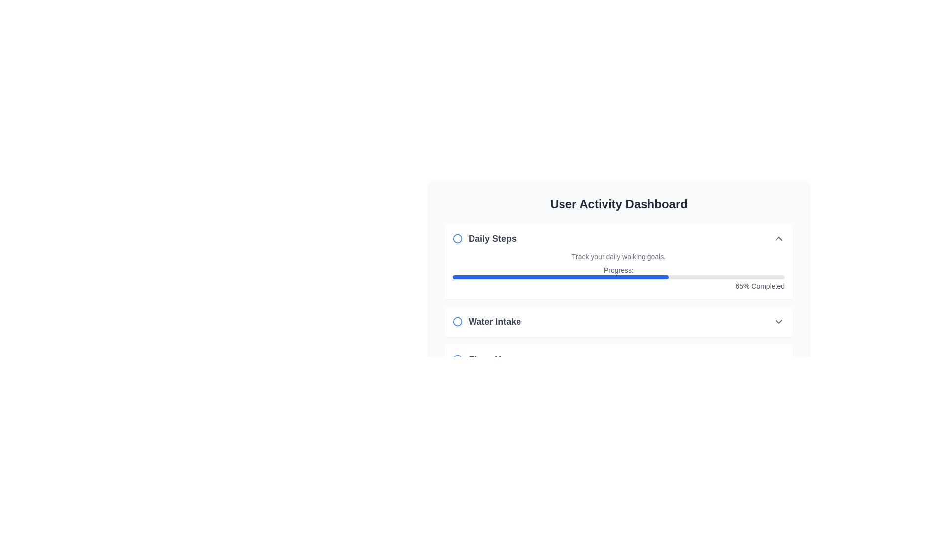 The image size is (949, 534). What do you see at coordinates (494, 359) in the screenshot?
I see `the text label indicating 'Sleep Hours', which serves as a descriptor for the following content and is positioned to the right of a small circular icon with a blue border` at bounding box center [494, 359].